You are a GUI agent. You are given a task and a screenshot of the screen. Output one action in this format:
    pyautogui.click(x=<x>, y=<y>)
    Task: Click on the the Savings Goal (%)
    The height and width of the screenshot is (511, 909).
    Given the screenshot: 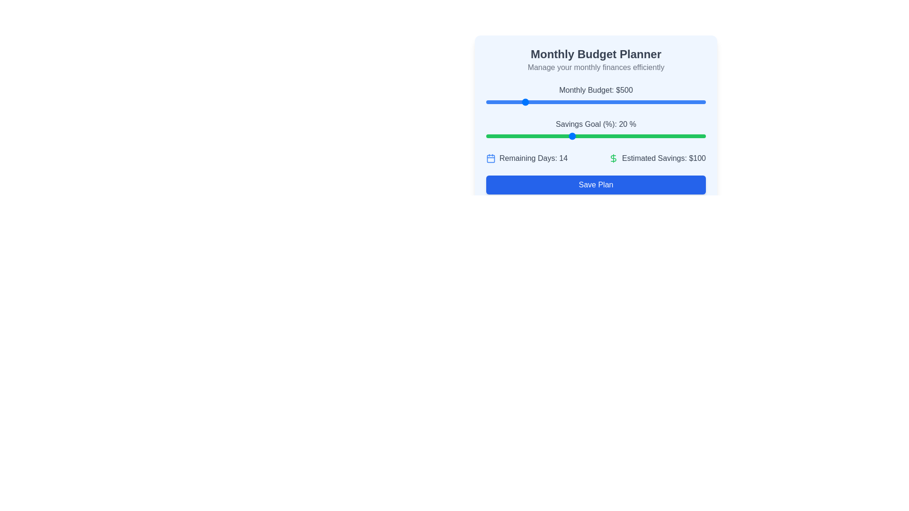 What is the action you would take?
    pyautogui.click(x=647, y=136)
    